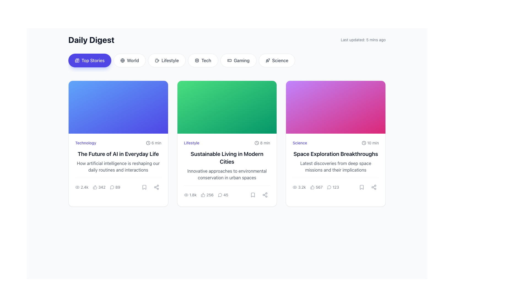 This screenshot has height=297, width=529. Describe the element at coordinates (226, 195) in the screenshot. I see `numeric value displayed in the small text label showing '45', which is located to the right of a chat bubble icon in the second card's bottom section of interaction statistics` at that location.